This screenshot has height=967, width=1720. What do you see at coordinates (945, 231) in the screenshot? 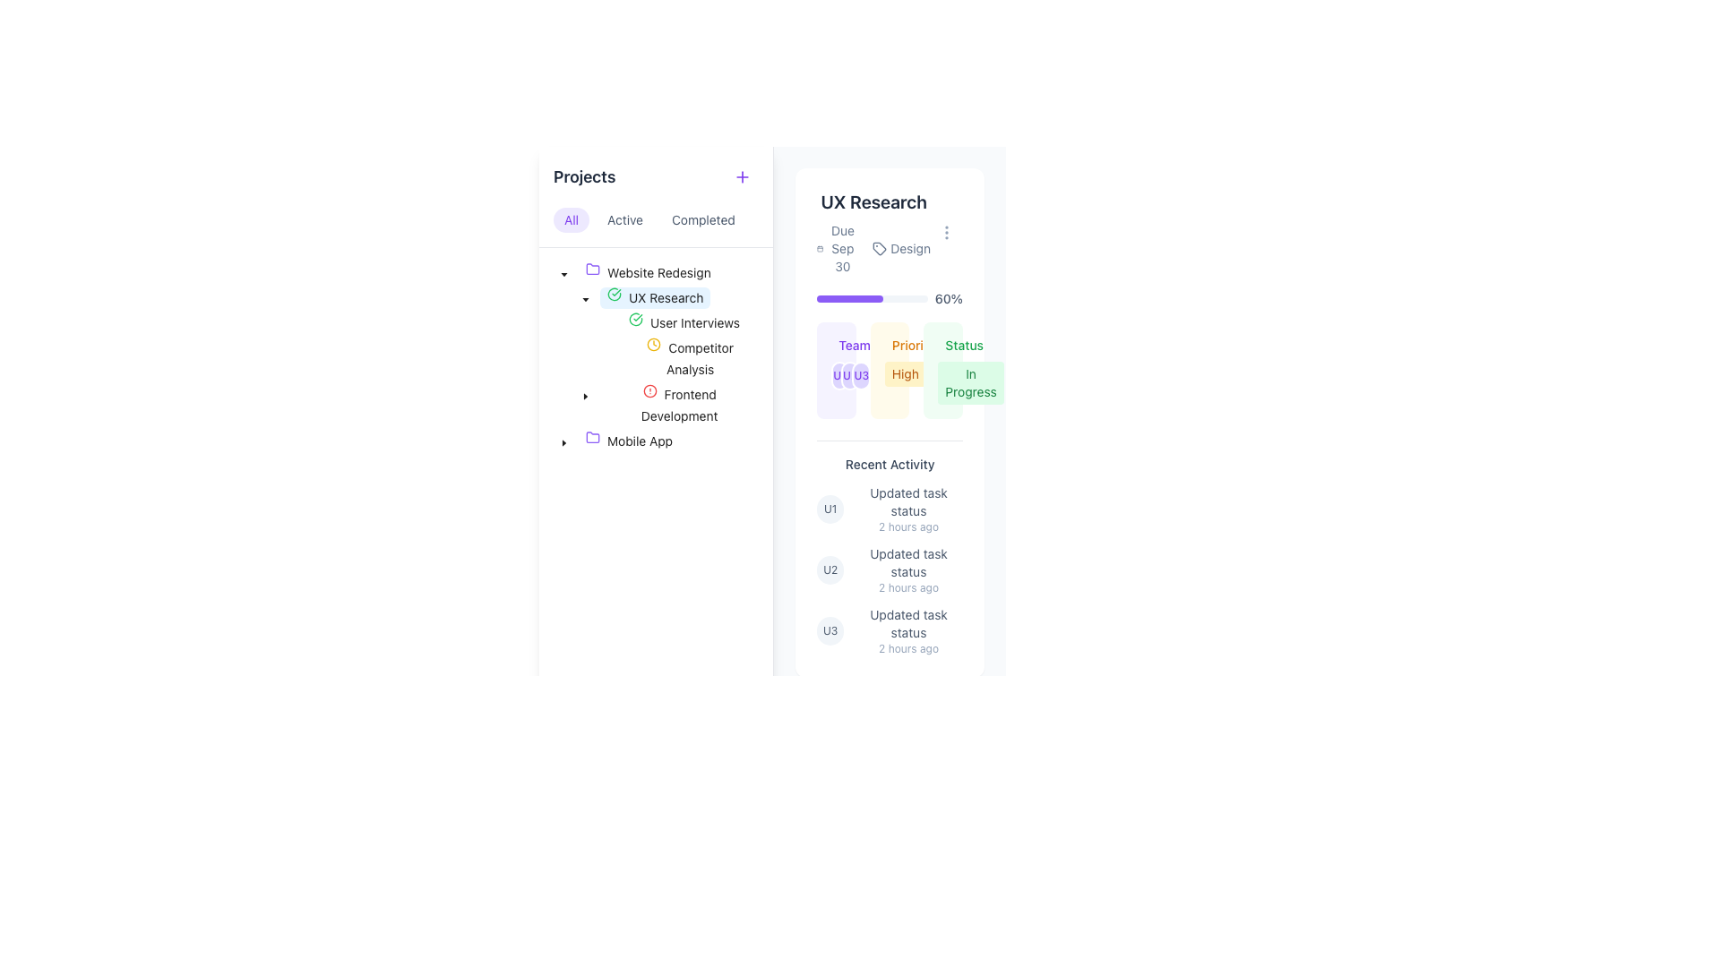
I see `the action menu button (vertical ellipsis) located in the right corner of the 'UX Research' card header` at bounding box center [945, 231].